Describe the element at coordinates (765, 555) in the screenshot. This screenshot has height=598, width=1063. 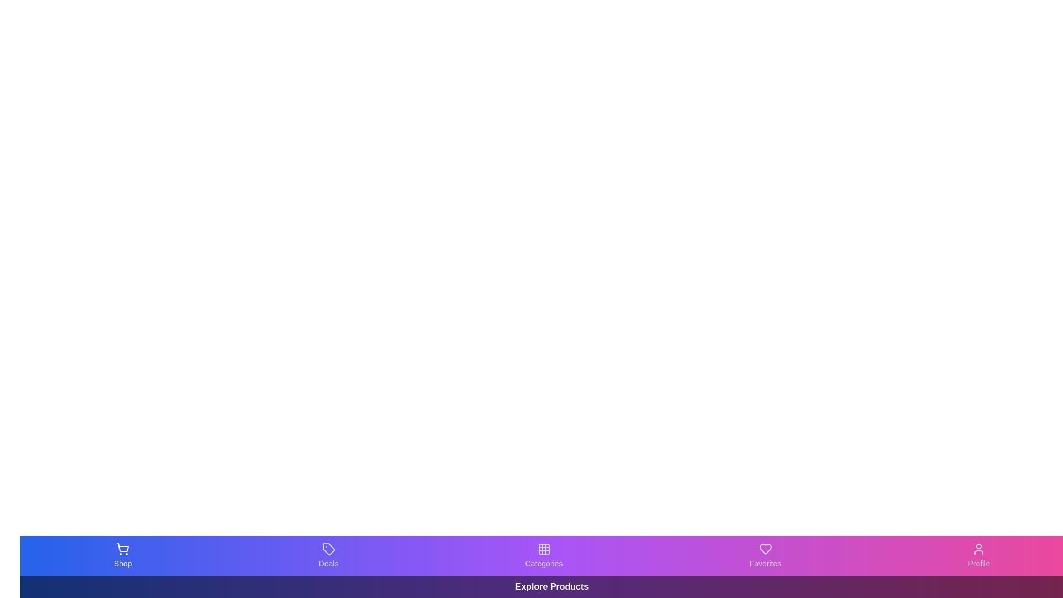
I see `the button labeled Favorites to inspect its visual hover effect` at that location.